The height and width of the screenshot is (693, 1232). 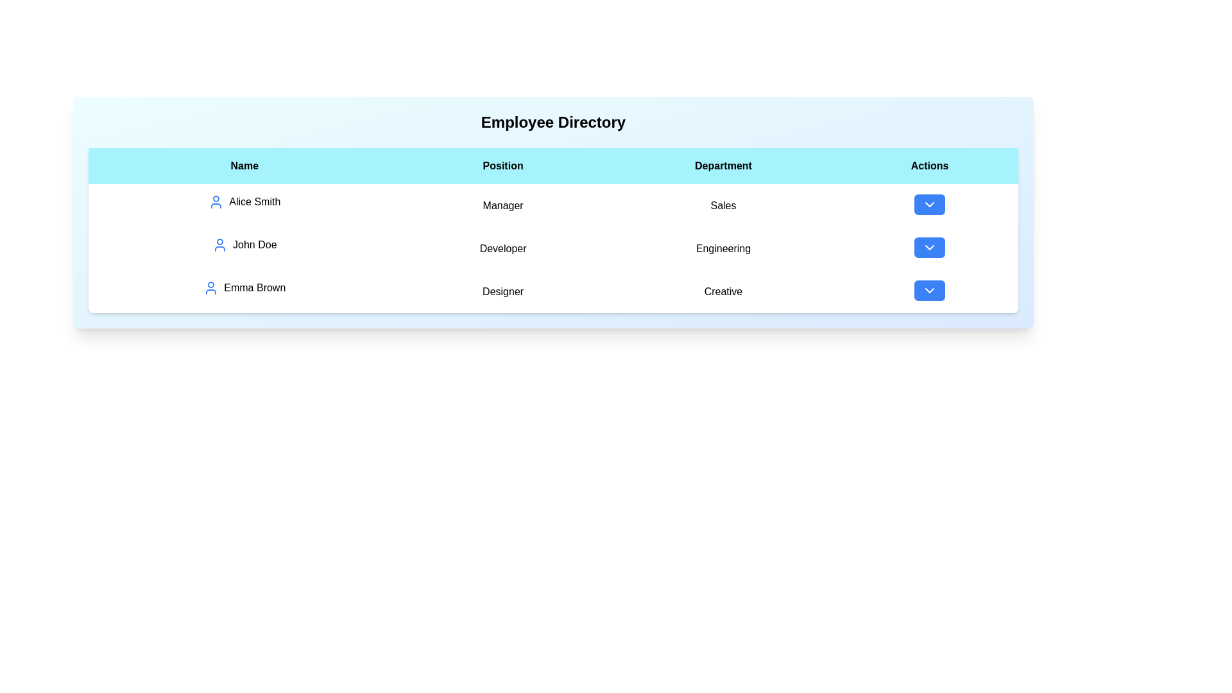 What do you see at coordinates (211, 287) in the screenshot?
I see `the user icon associated with 'Emma Brown' in the employee directory table, located in the third row under the 'Name' column` at bounding box center [211, 287].